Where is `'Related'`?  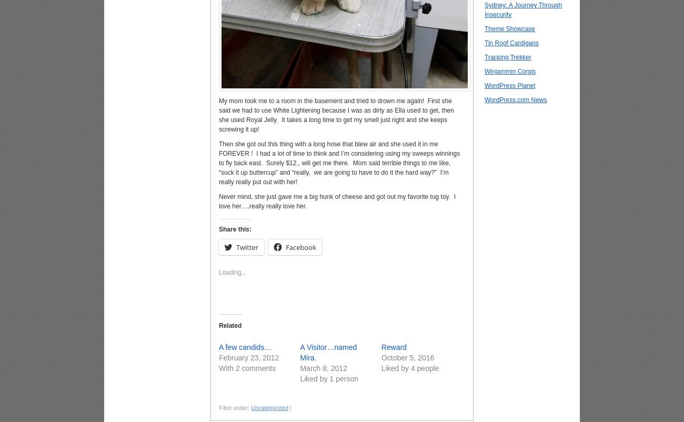 'Related' is located at coordinates (229, 325).